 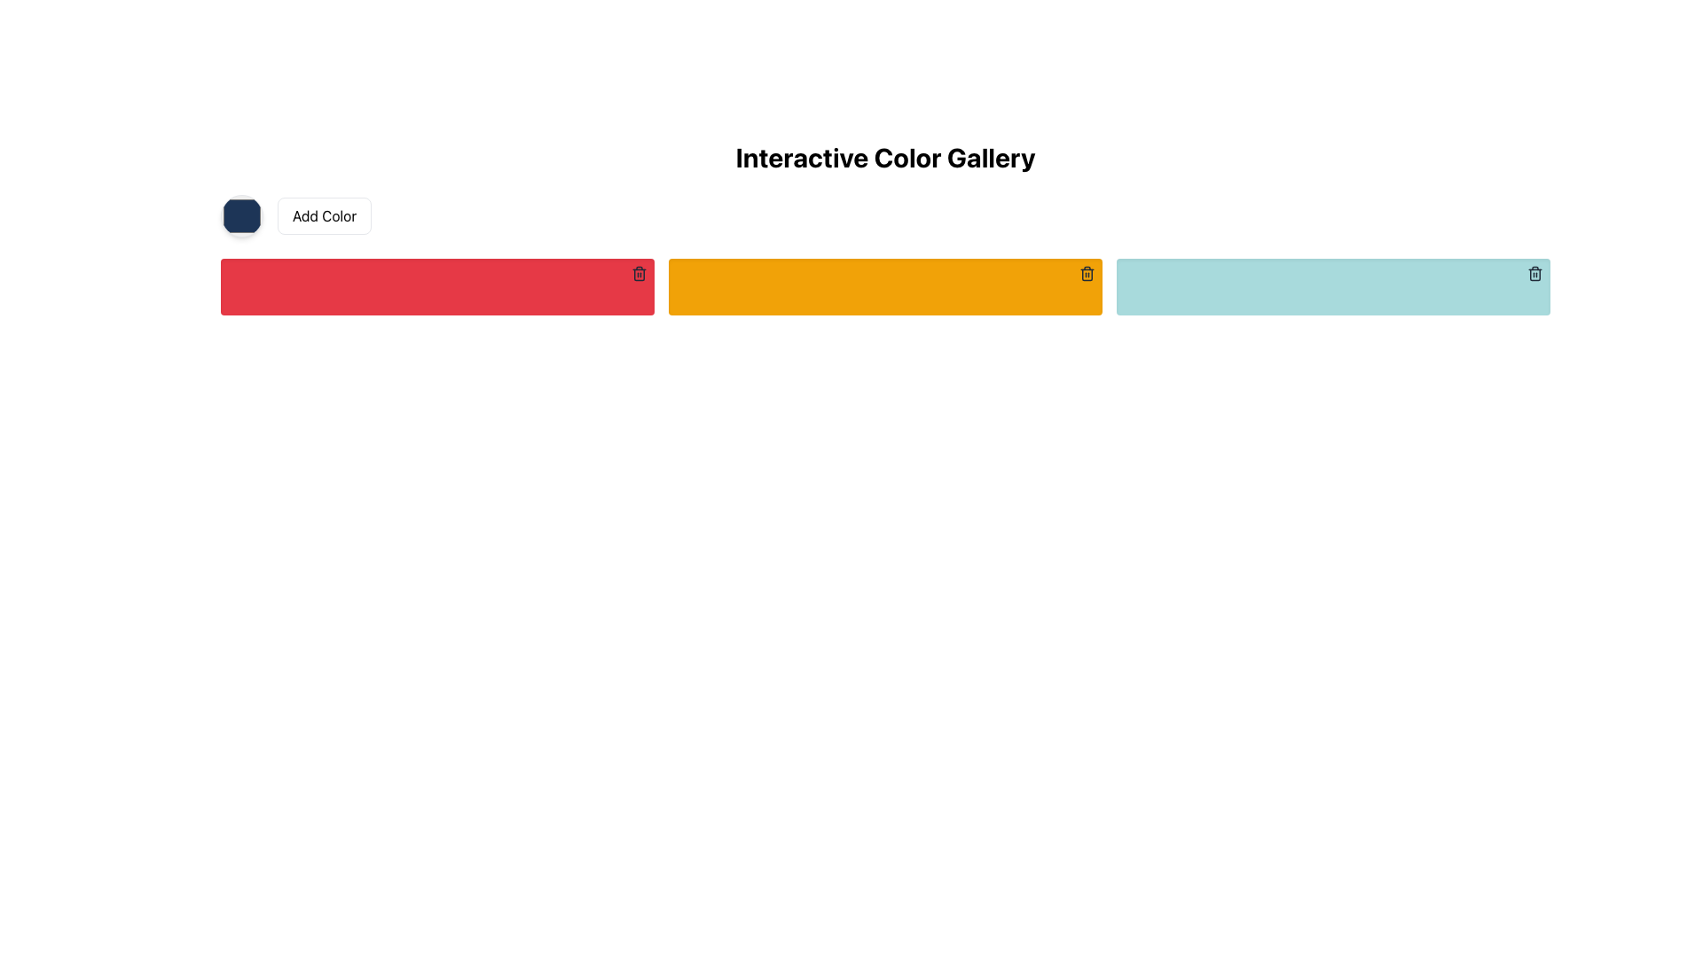 What do you see at coordinates (325, 214) in the screenshot?
I see `the rectangular button labeled 'Add Color' to observe the light blue background change when hovered` at bounding box center [325, 214].